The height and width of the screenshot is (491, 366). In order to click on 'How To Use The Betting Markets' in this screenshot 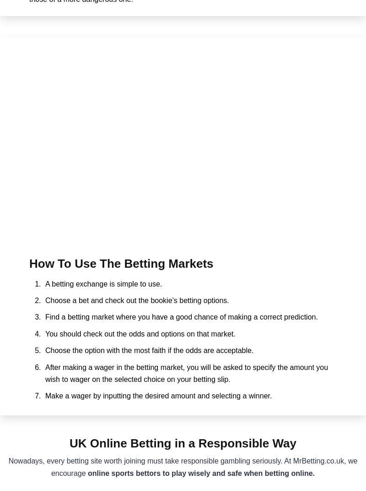, I will do `click(120, 264)`.